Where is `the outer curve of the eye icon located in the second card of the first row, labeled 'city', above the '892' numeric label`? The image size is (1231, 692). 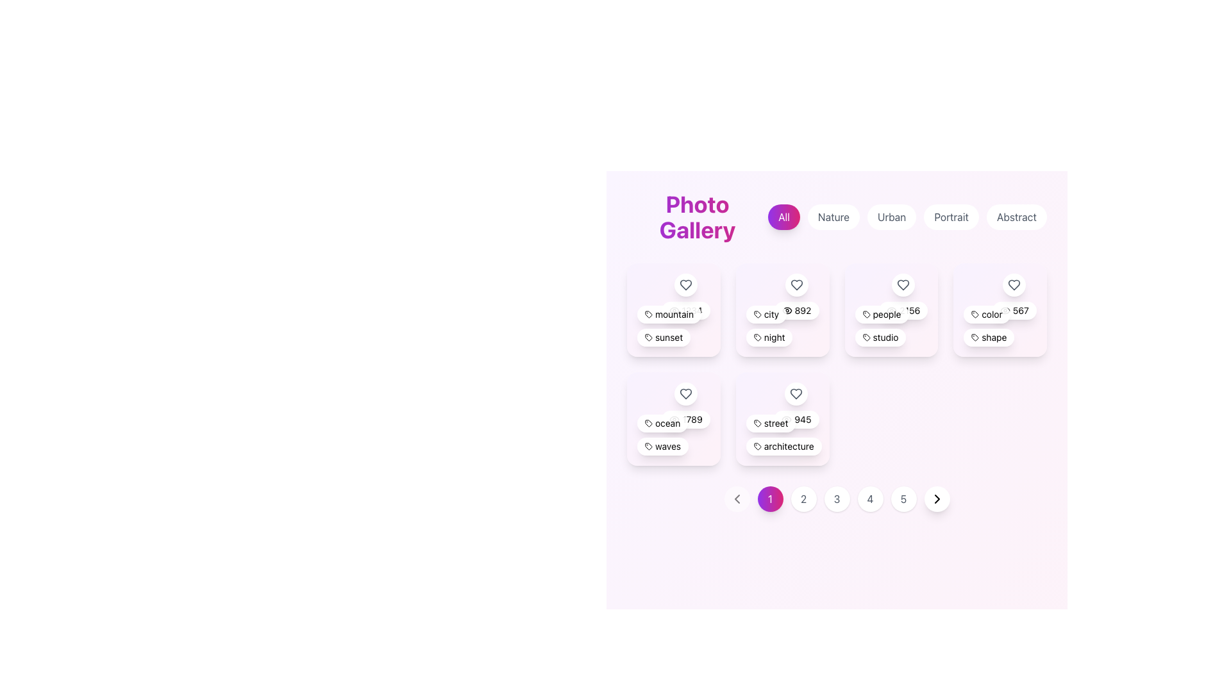
the outer curve of the eye icon located in the second card of the first row, labeled 'city', above the '892' numeric label is located at coordinates (786, 311).